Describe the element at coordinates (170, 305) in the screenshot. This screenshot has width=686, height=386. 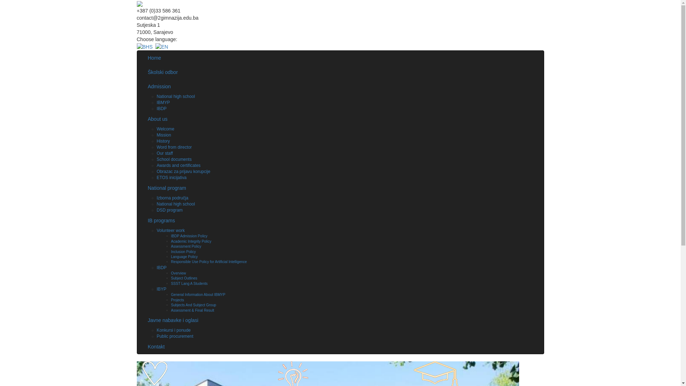
I see `'Subjects And Subject Group'` at that location.